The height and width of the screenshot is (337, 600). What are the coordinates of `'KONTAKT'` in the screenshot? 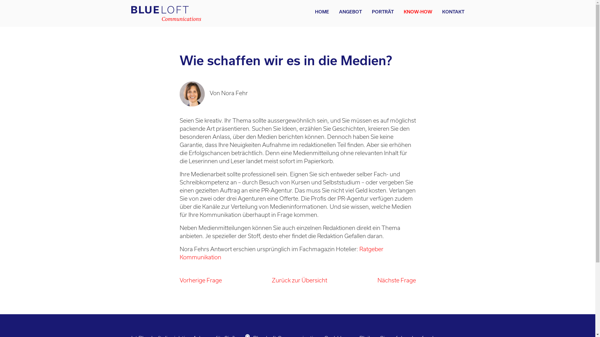 It's located at (450, 12).